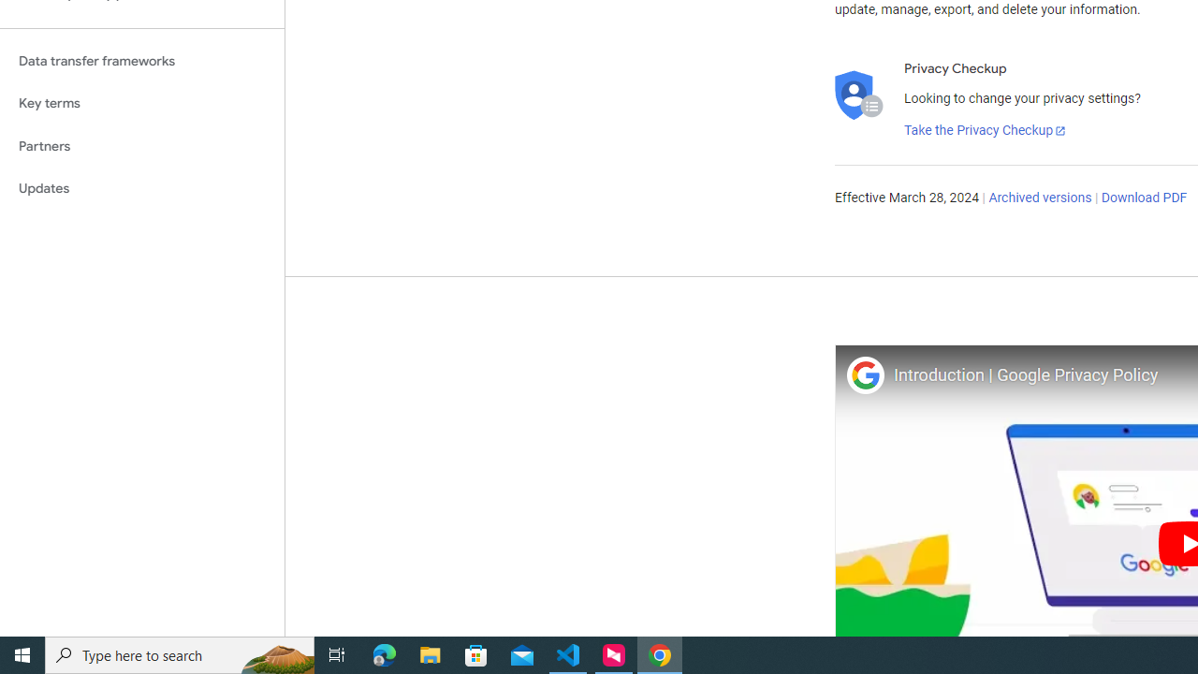 Image resolution: width=1198 pixels, height=674 pixels. Describe the element at coordinates (141, 103) in the screenshot. I see `'Key terms'` at that location.